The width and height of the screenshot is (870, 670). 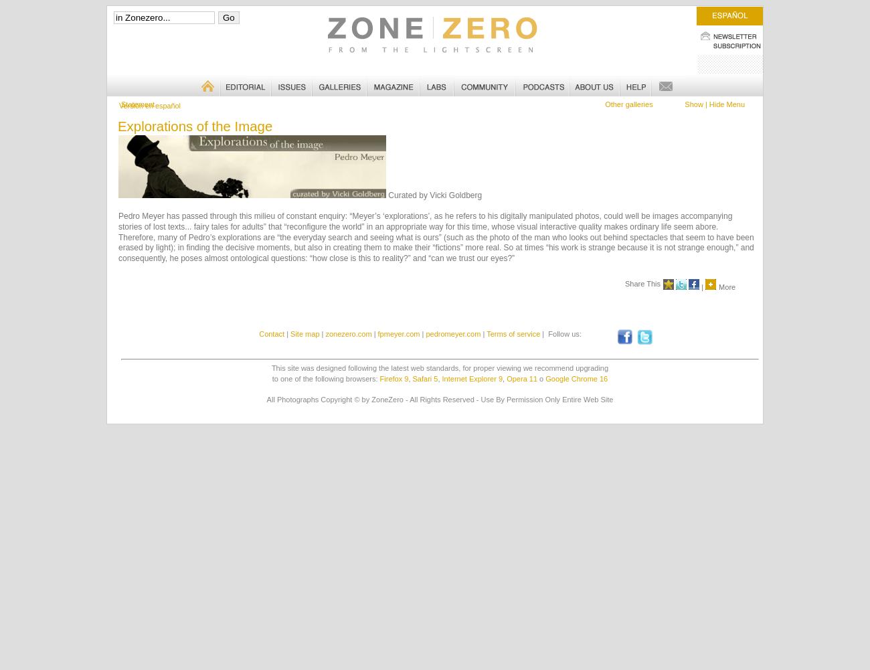 What do you see at coordinates (133, 104) in the screenshot?
I see `'ImHuman'` at bounding box center [133, 104].